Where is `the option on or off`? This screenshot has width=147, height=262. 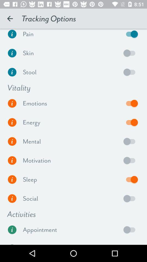 the option on or off is located at coordinates (130, 160).